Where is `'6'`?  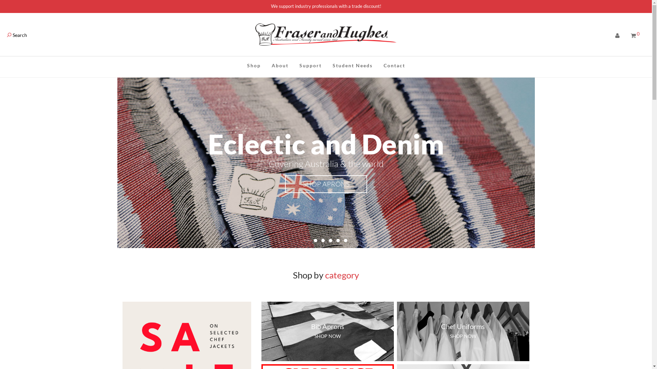 '6' is located at coordinates (345, 240).